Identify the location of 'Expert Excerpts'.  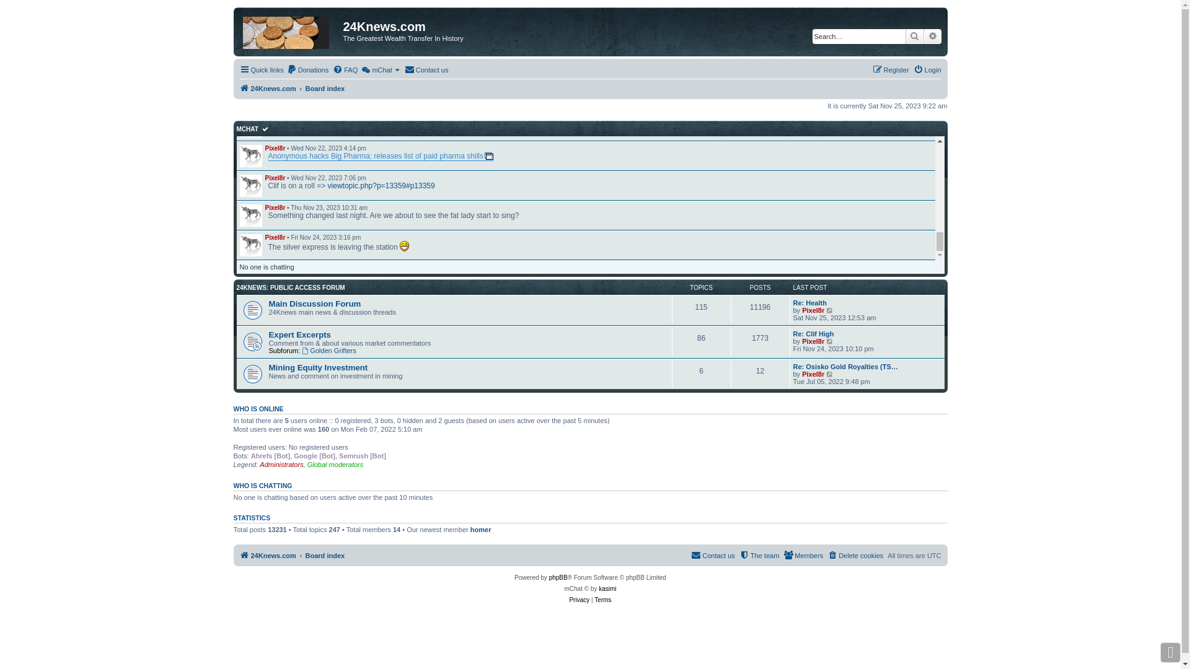
(300, 334).